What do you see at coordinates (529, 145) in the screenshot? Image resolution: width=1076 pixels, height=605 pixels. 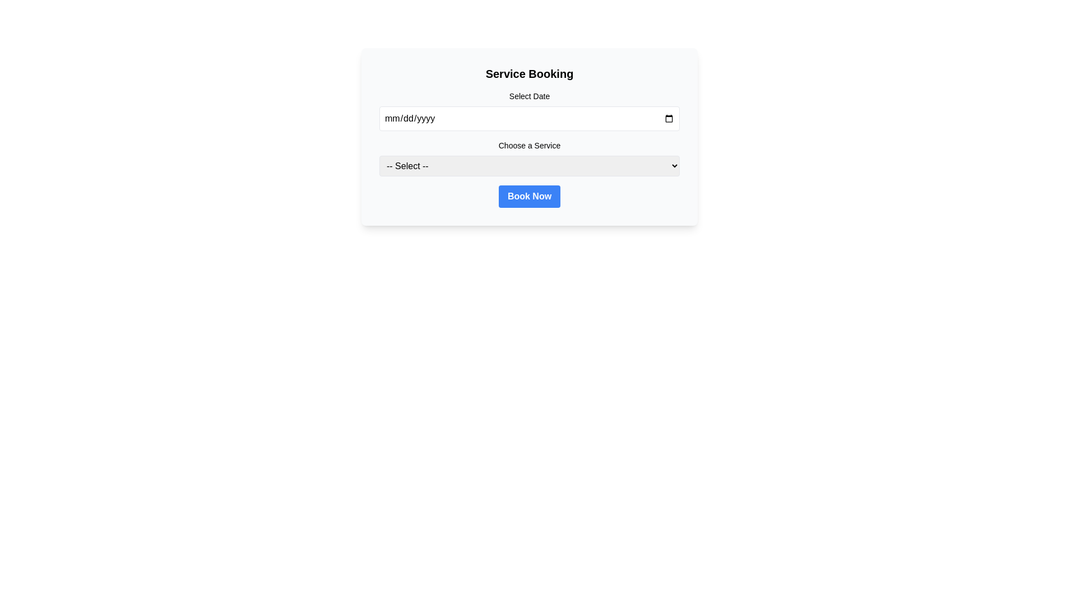 I see `the label element that displays 'Choose a Service', which is positioned directly above the dropdown menu labeled '-- Select --'` at bounding box center [529, 145].